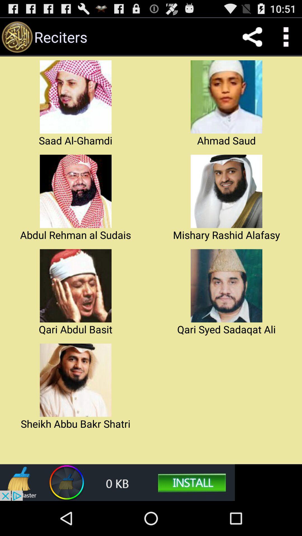 Image resolution: width=302 pixels, height=536 pixels. Describe the element at coordinates (285, 37) in the screenshot. I see `the customize and control` at that location.